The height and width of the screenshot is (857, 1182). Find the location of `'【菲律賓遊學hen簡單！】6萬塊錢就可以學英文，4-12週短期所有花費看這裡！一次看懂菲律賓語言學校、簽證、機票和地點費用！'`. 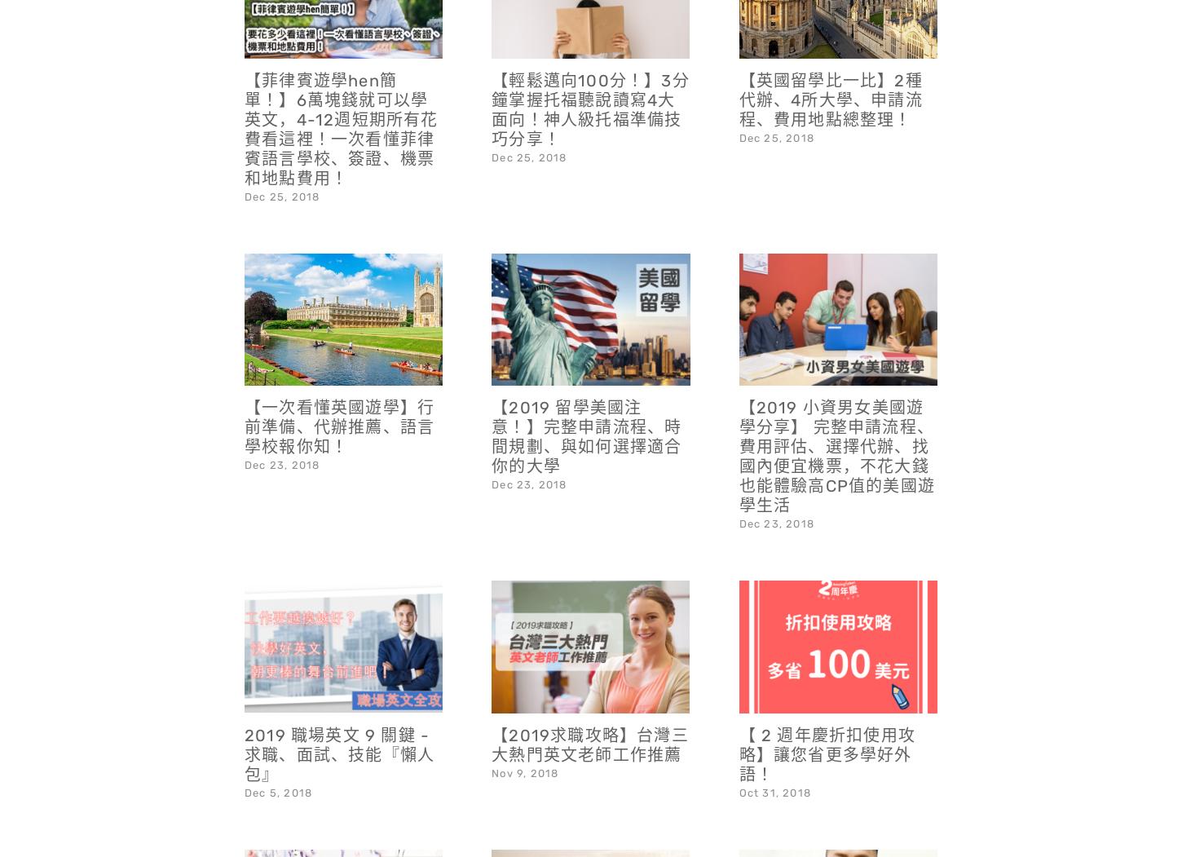

'【菲律賓遊學hen簡單！】6萬塊錢就可以學英文，4-12週短期所有花費看這裡！一次看懂菲律賓語言學校、簽證、機票和地點費用！' is located at coordinates (340, 86).